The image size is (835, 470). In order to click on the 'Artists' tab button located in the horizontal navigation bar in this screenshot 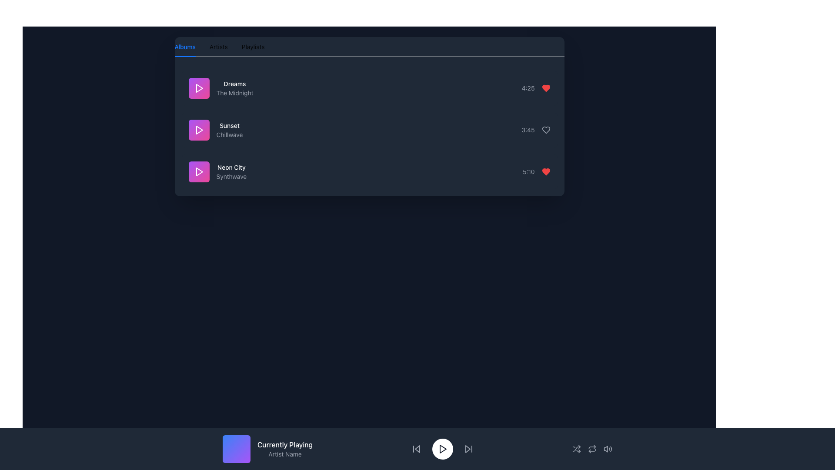, I will do `click(218, 47)`.